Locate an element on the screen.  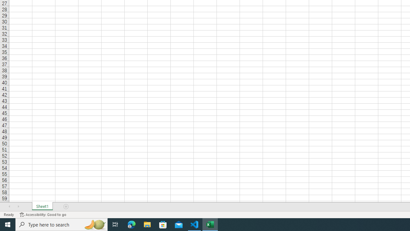
'Scroll Left' is located at coordinates (9, 207).